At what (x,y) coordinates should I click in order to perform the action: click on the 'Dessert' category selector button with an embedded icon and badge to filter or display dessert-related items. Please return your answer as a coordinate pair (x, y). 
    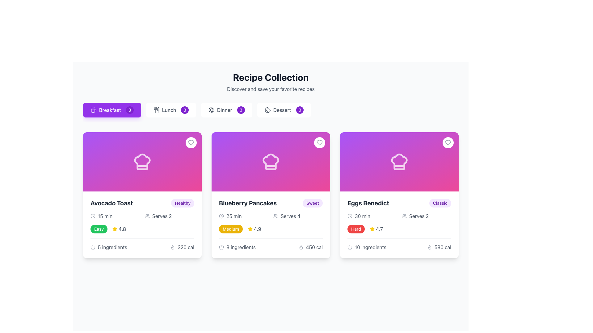
    Looking at the image, I should click on (284, 110).